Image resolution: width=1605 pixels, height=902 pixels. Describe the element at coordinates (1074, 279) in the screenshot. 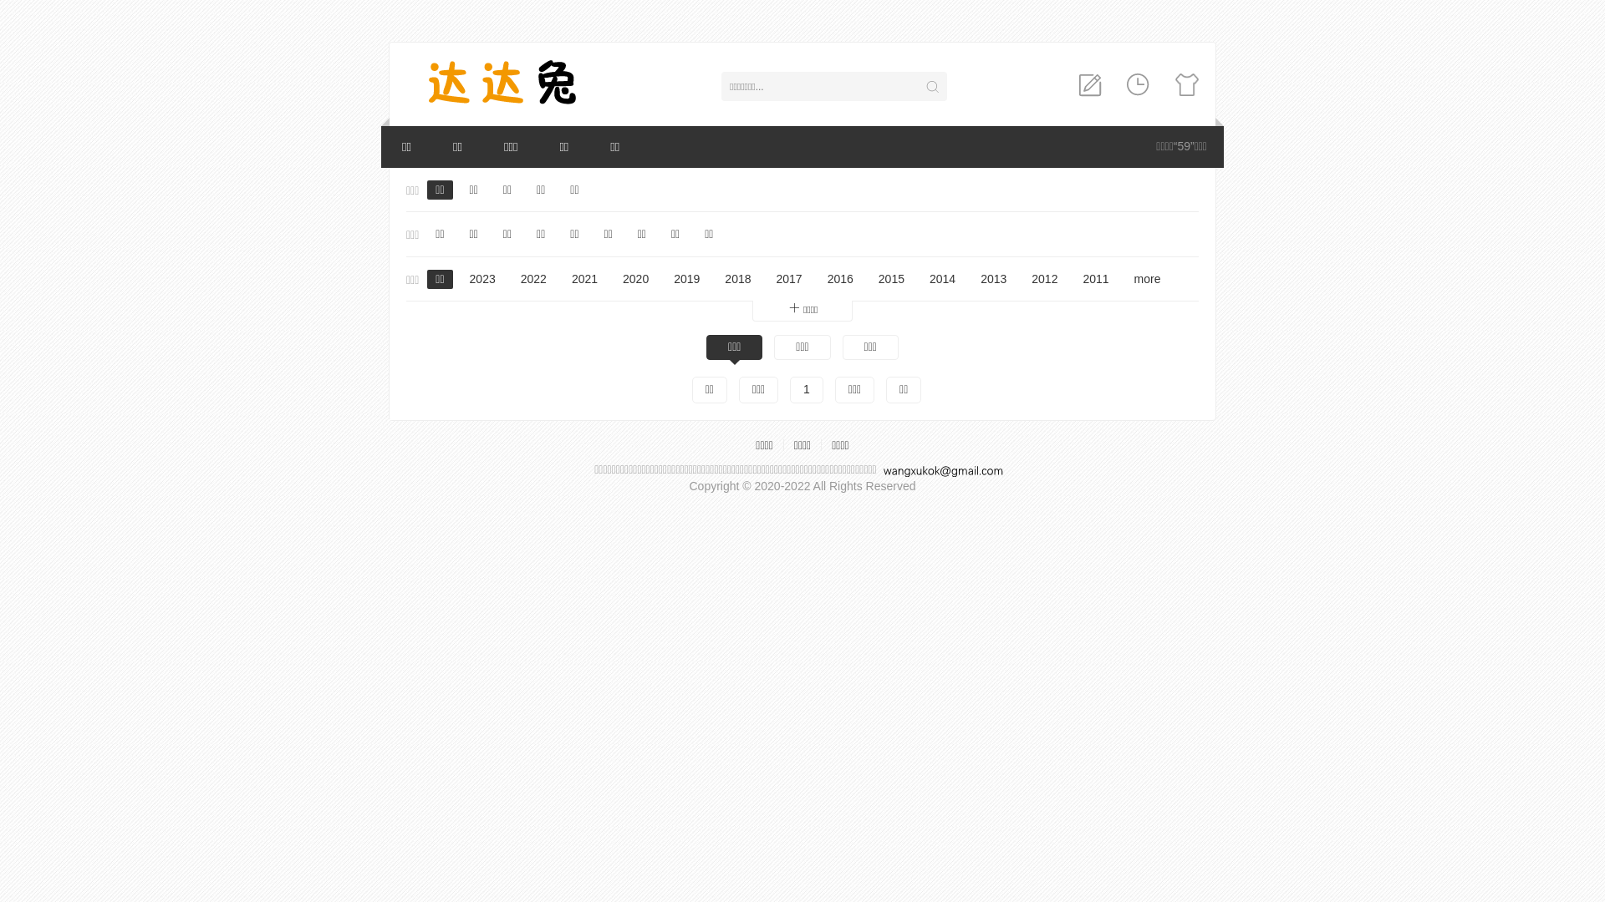

I see `'2011'` at that location.